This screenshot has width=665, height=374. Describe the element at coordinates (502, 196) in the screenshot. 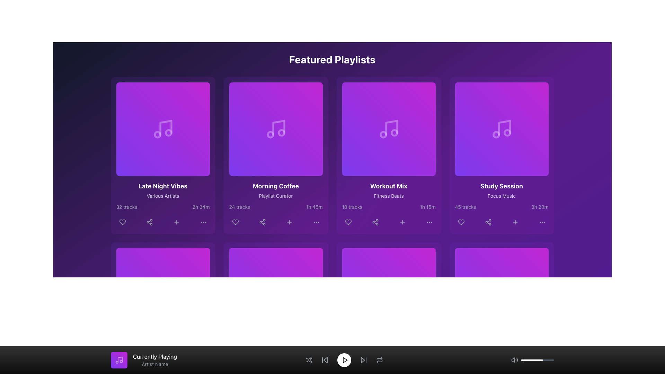

I see `the text label 'Focus Music' which is displayed in a smaller, lighter gray font and is situated directly below the bold title 'Study Session' in the playlist card` at that location.